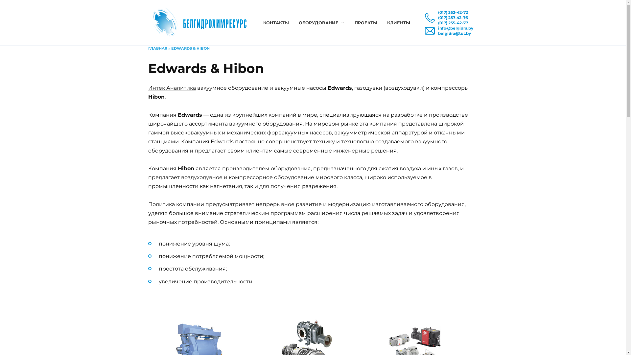 This screenshot has height=355, width=631. What do you see at coordinates (437, 22) in the screenshot?
I see `'(017) 255-42-77'` at bounding box center [437, 22].